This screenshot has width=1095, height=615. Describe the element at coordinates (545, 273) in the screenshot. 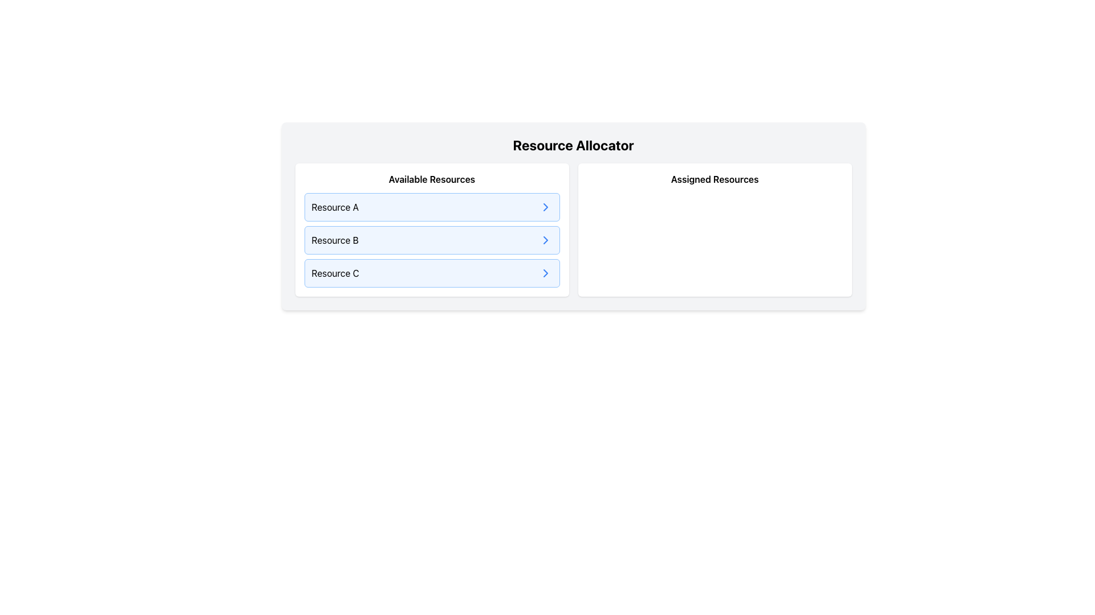

I see `the Chevron Icon in the third item of the 'Available Resources' section, aligned with 'Resource C'` at that location.